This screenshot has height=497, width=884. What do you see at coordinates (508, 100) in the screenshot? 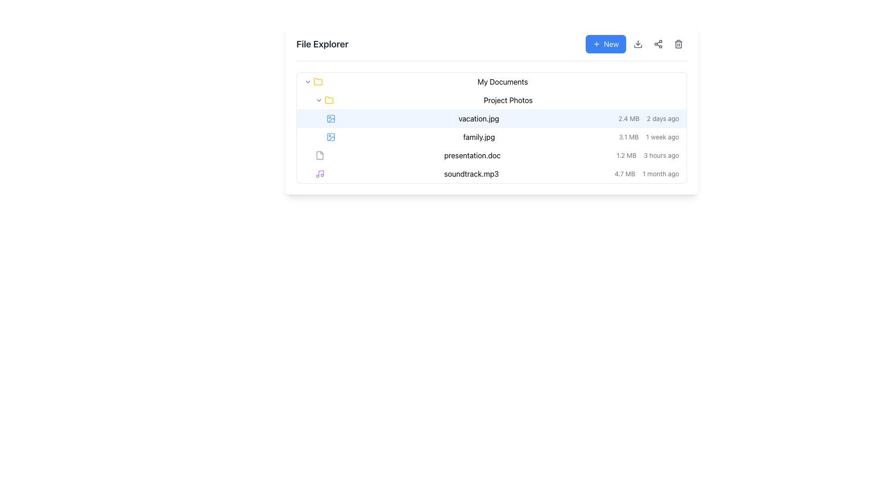
I see `the 'Project Photos' text label` at bounding box center [508, 100].